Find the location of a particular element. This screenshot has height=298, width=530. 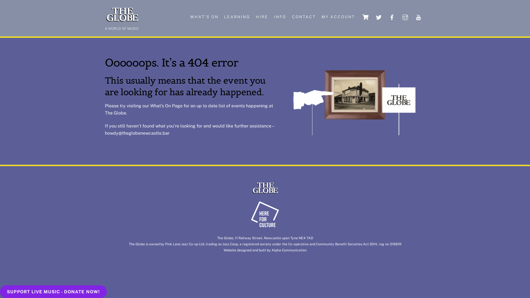

'Jazz.Coop' is located at coordinates (230, 244).